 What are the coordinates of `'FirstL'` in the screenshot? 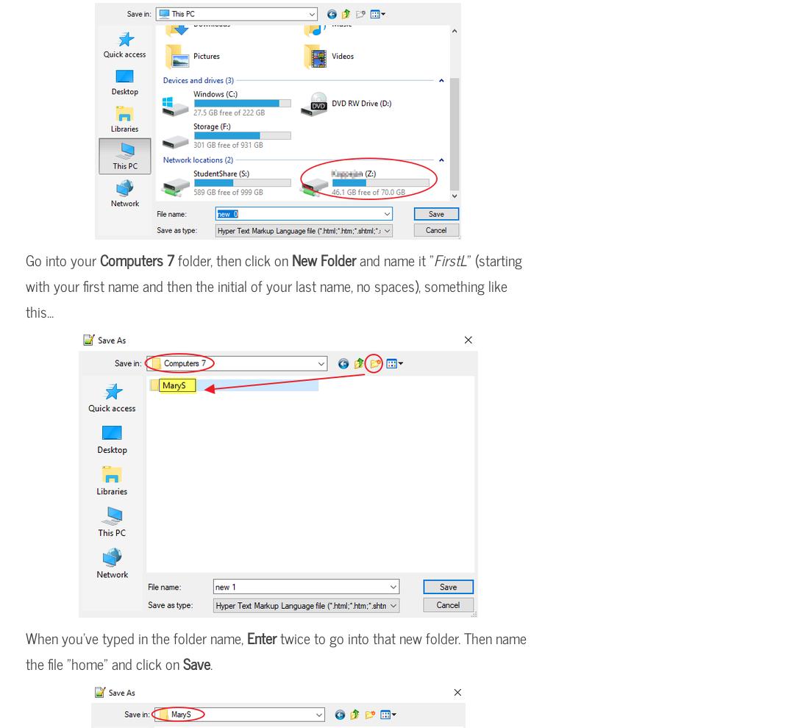 It's located at (449, 260).